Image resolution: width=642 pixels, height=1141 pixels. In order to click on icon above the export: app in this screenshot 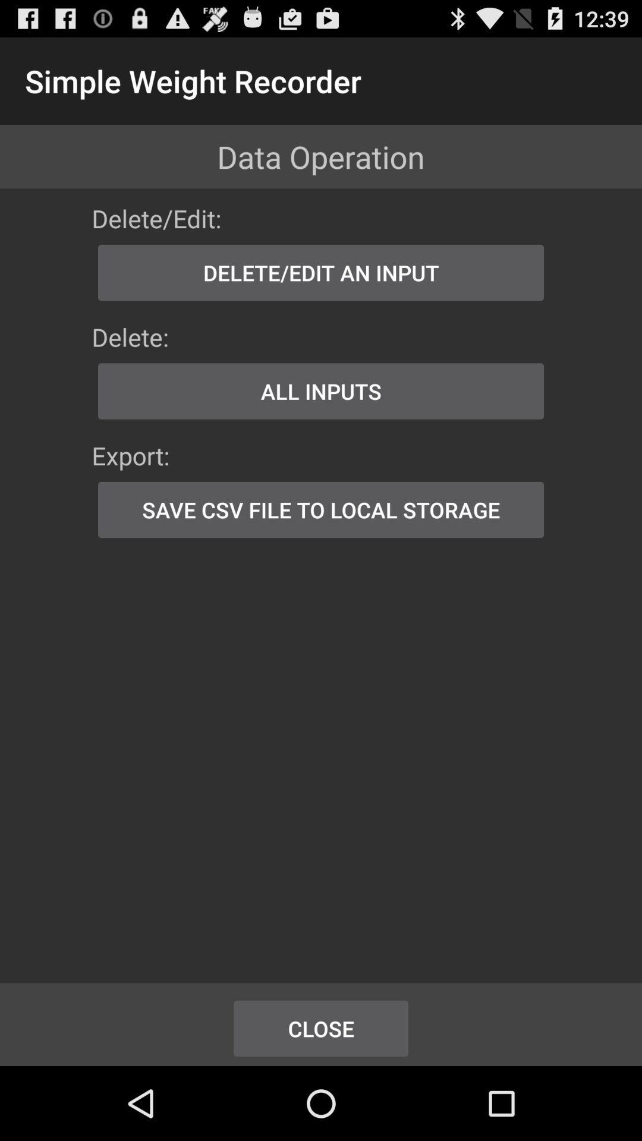, I will do `click(321, 391)`.